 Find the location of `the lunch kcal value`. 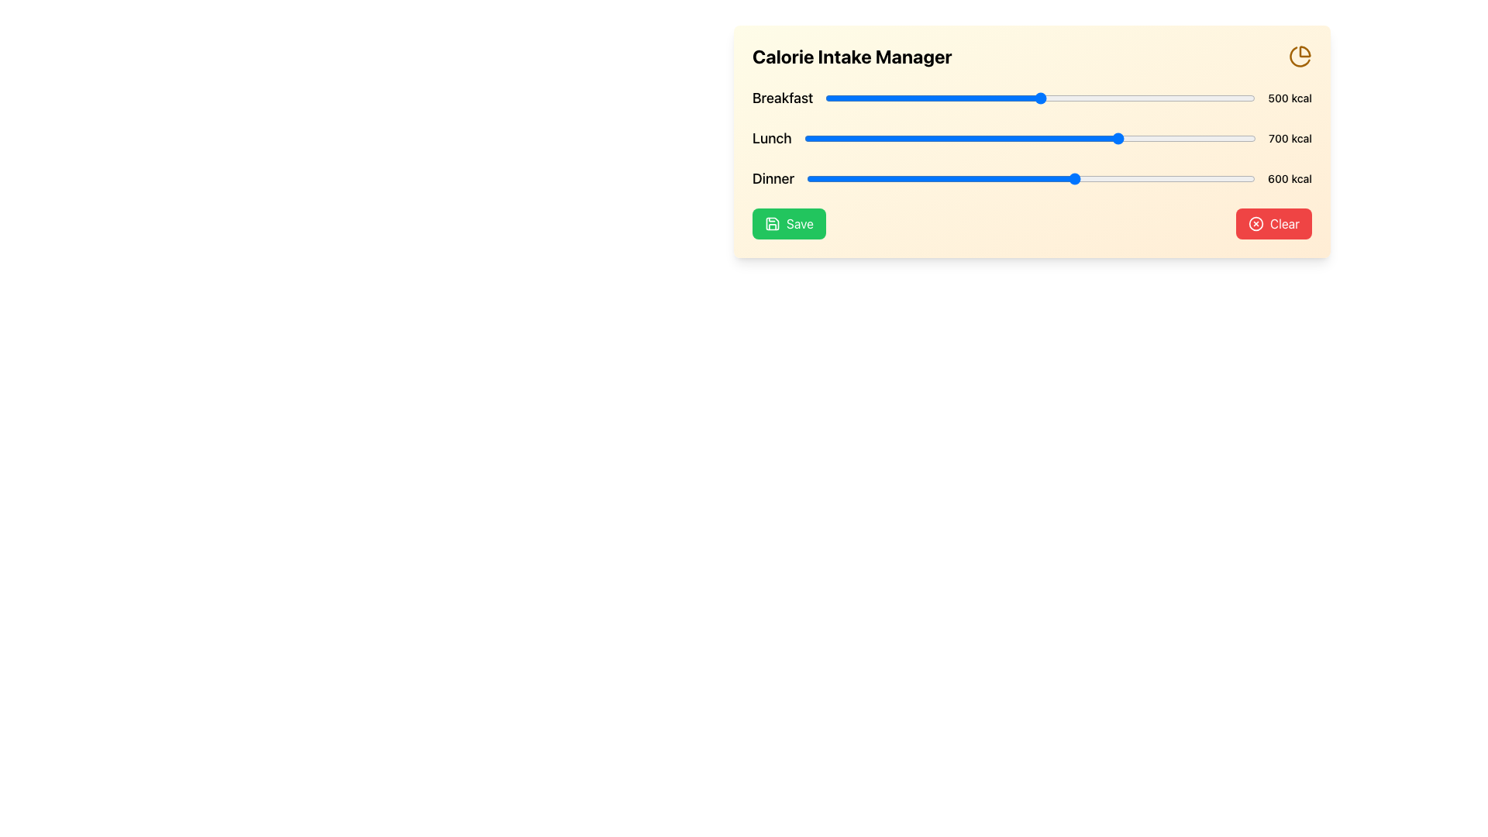

the lunch kcal value is located at coordinates (826, 137).